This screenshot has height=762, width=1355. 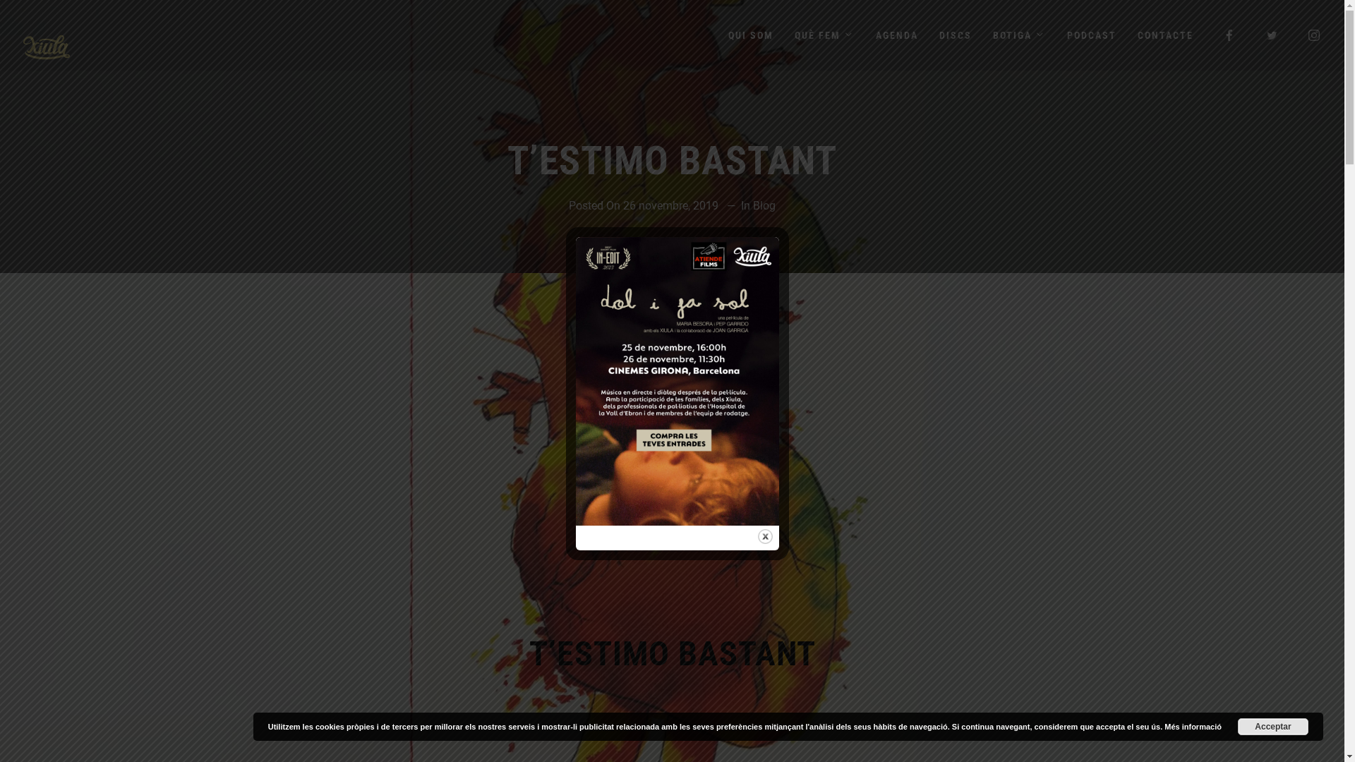 What do you see at coordinates (1273, 726) in the screenshot?
I see `'Acceptar'` at bounding box center [1273, 726].